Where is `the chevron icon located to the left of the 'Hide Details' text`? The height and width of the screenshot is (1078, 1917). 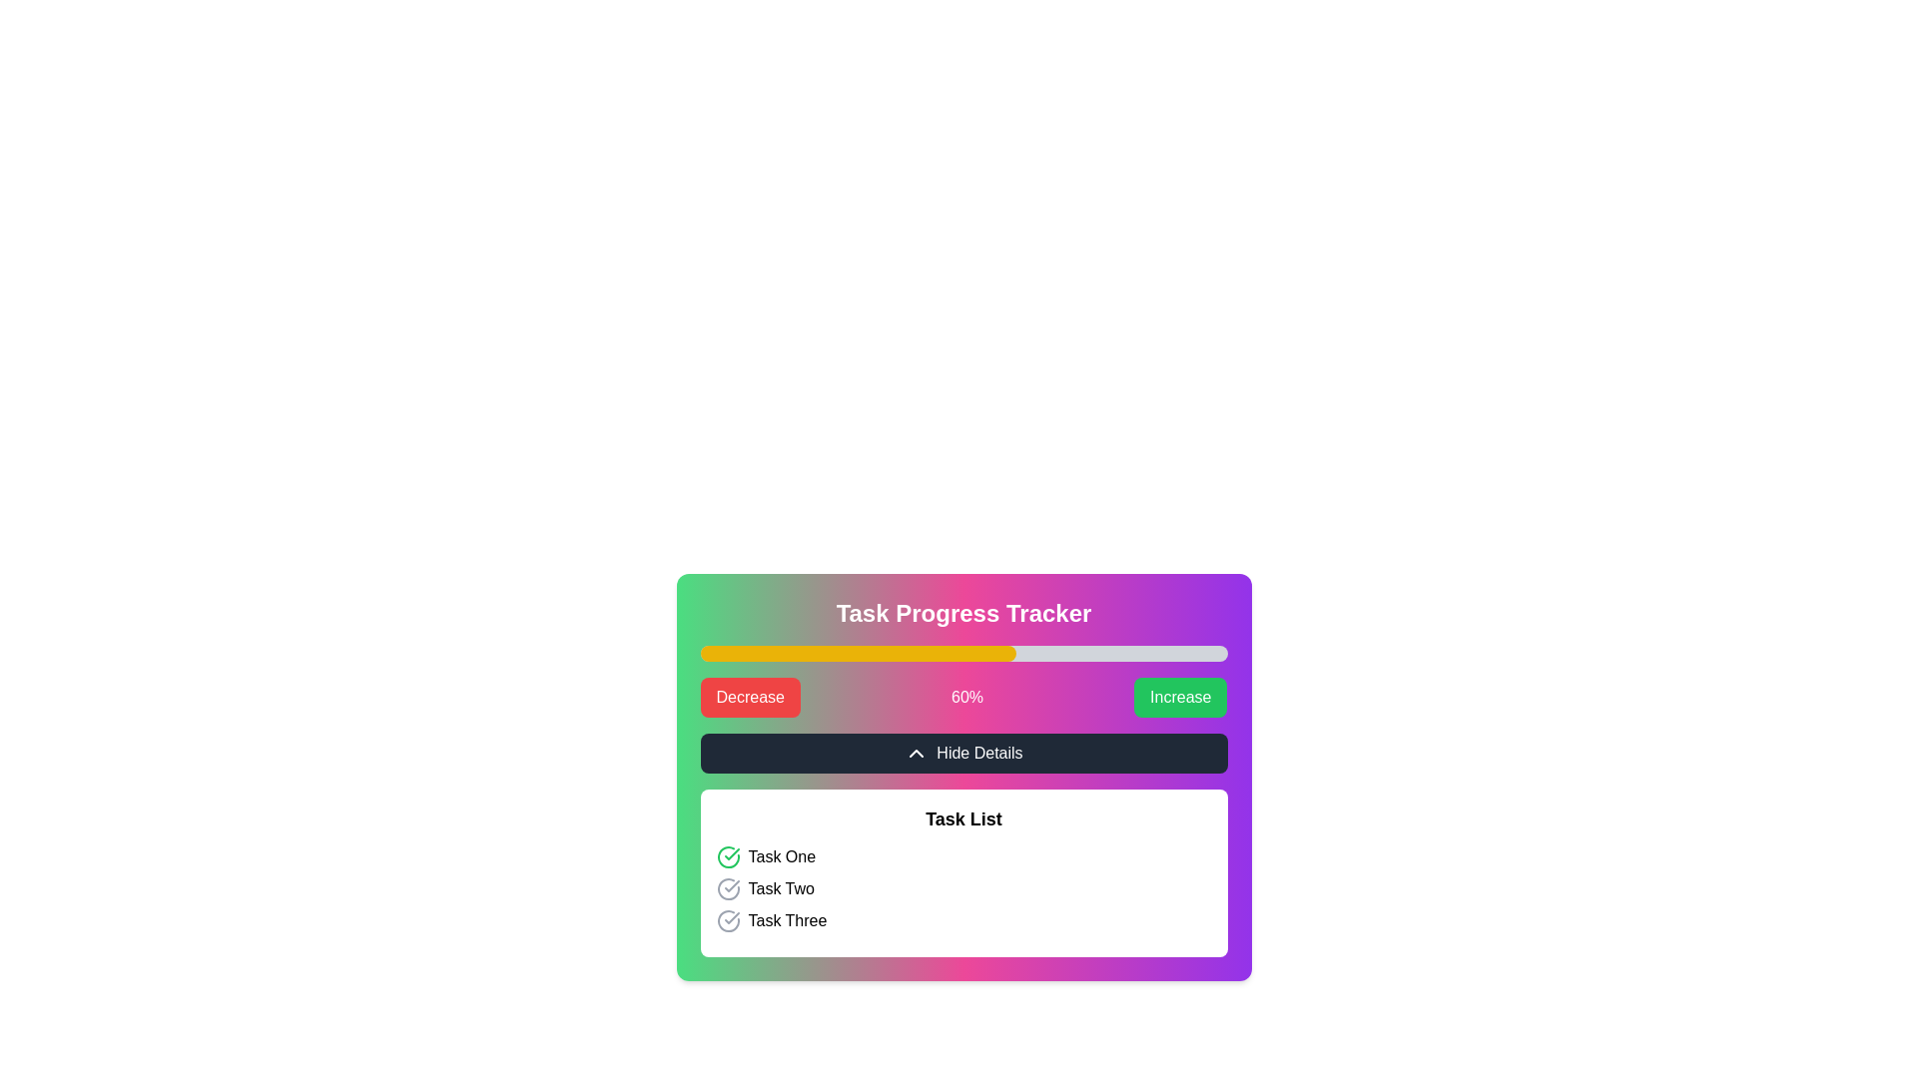 the chevron icon located to the left of the 'Hide Details' text is located at coordinates (916, 754).